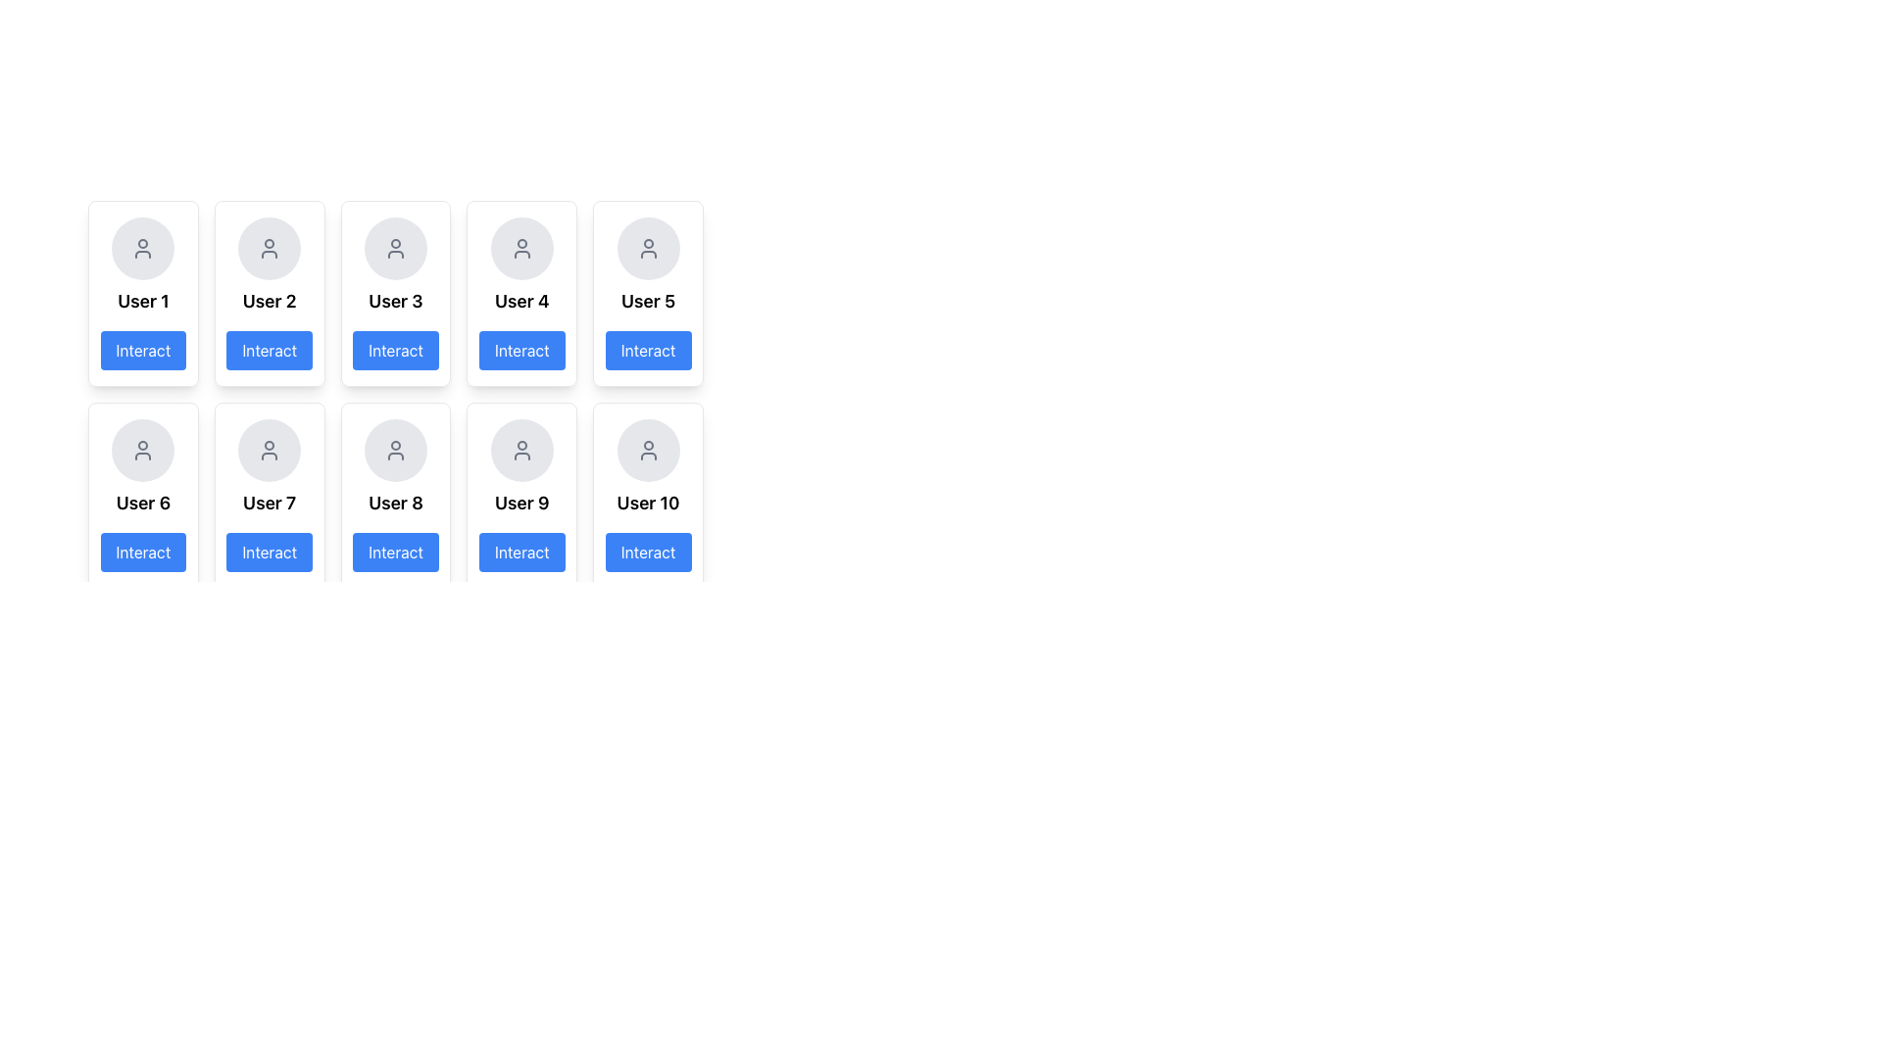 This screenshot has width=1882, height=1058. Describe the element at coordinates (269, 248) in the screenshot. I see `the user icon element, which is a gray outline of a head and shoulders, located in the second user card labeled 'User 2' in the first row of a grid layout` at that location.